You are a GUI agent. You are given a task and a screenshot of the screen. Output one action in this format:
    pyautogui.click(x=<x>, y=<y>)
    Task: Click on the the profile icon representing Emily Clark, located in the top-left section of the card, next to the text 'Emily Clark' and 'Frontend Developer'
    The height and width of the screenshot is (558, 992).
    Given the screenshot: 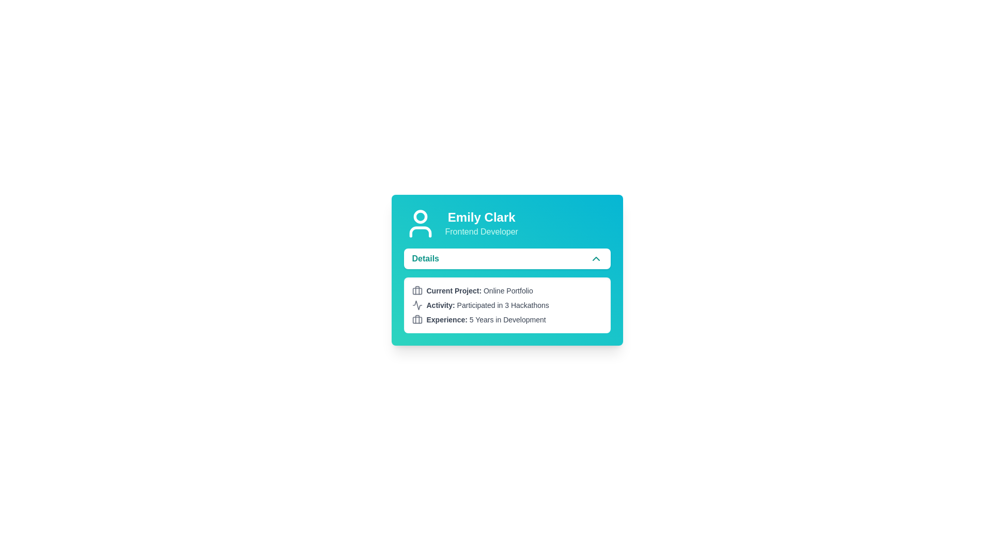 What is the action you would take?
    pyautogui.click(x=420, y=223)
    